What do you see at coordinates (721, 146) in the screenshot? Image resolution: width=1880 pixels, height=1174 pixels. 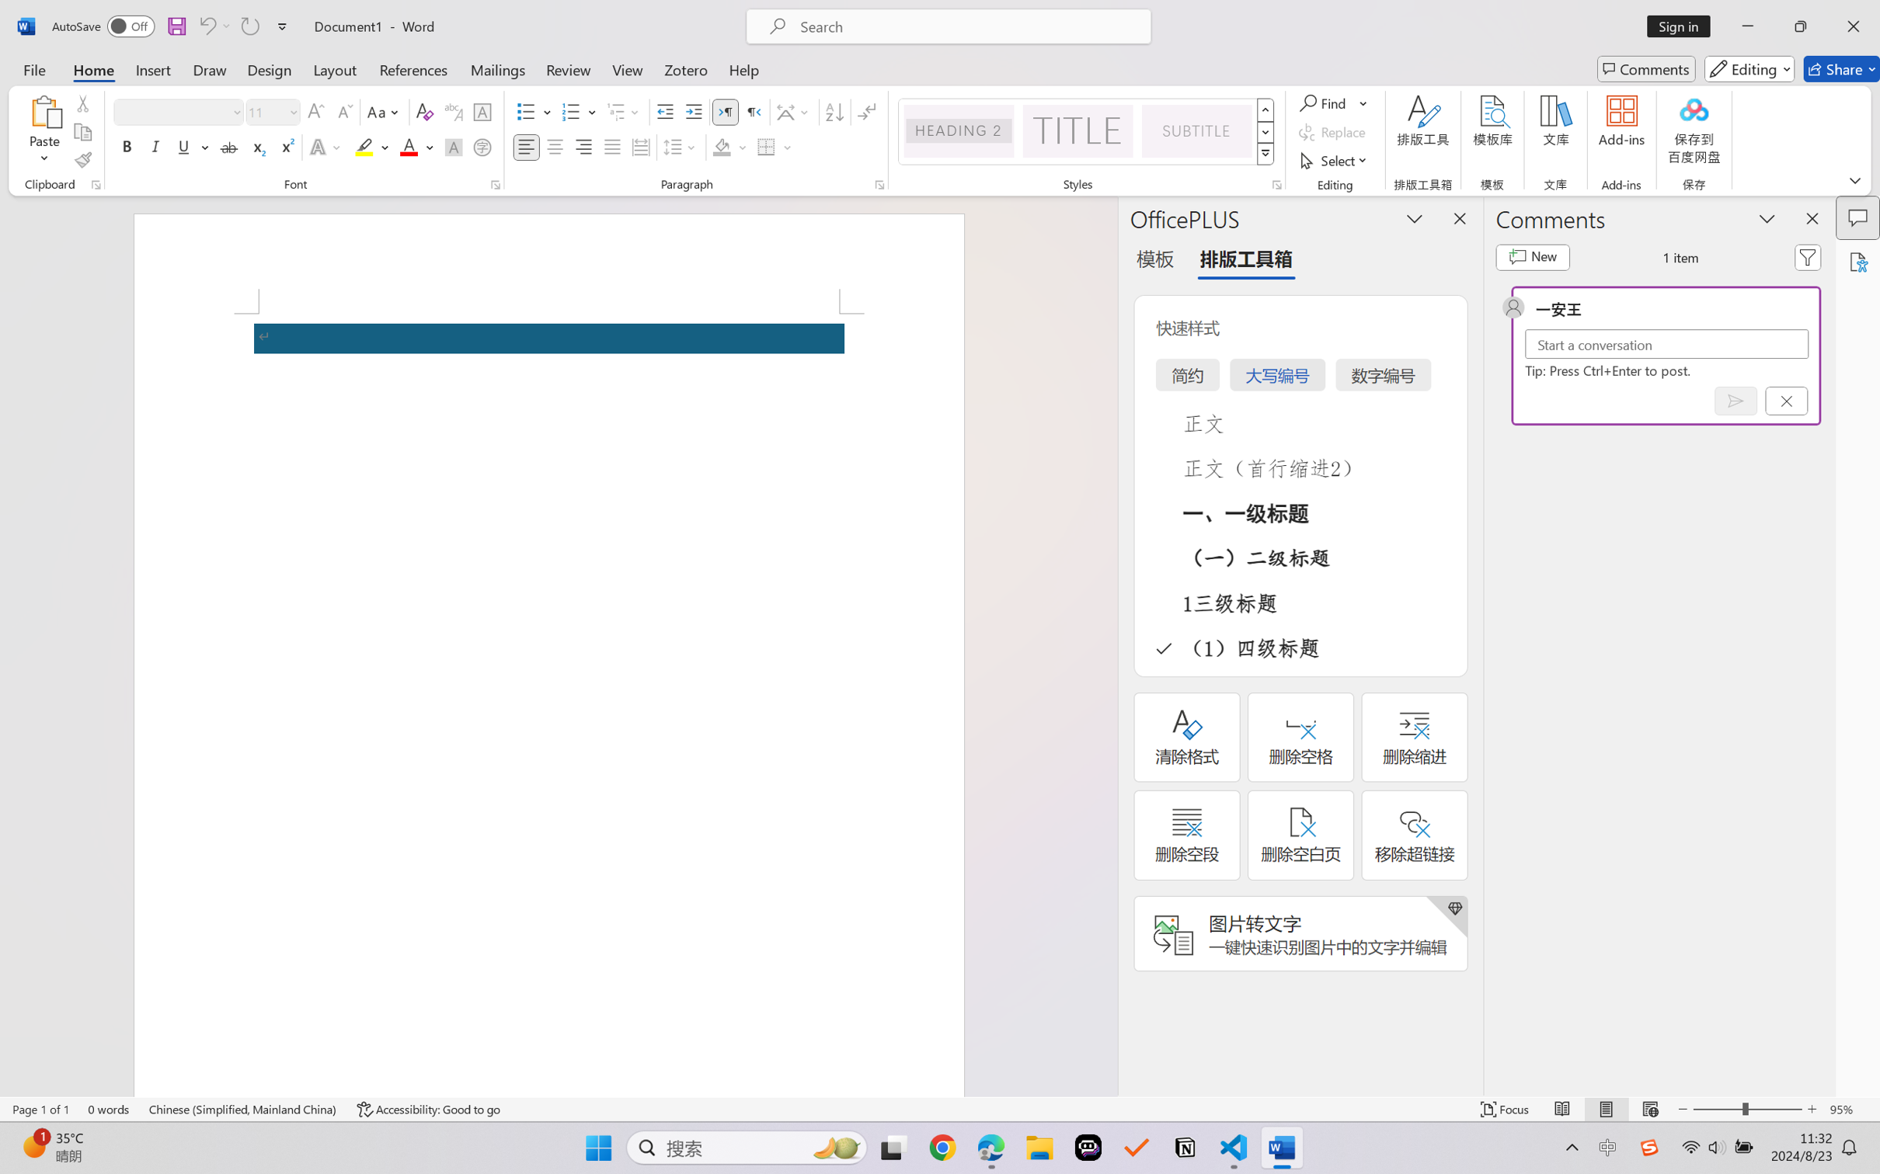 I see `'Shading No Color'` at bounding box center [721, 146].